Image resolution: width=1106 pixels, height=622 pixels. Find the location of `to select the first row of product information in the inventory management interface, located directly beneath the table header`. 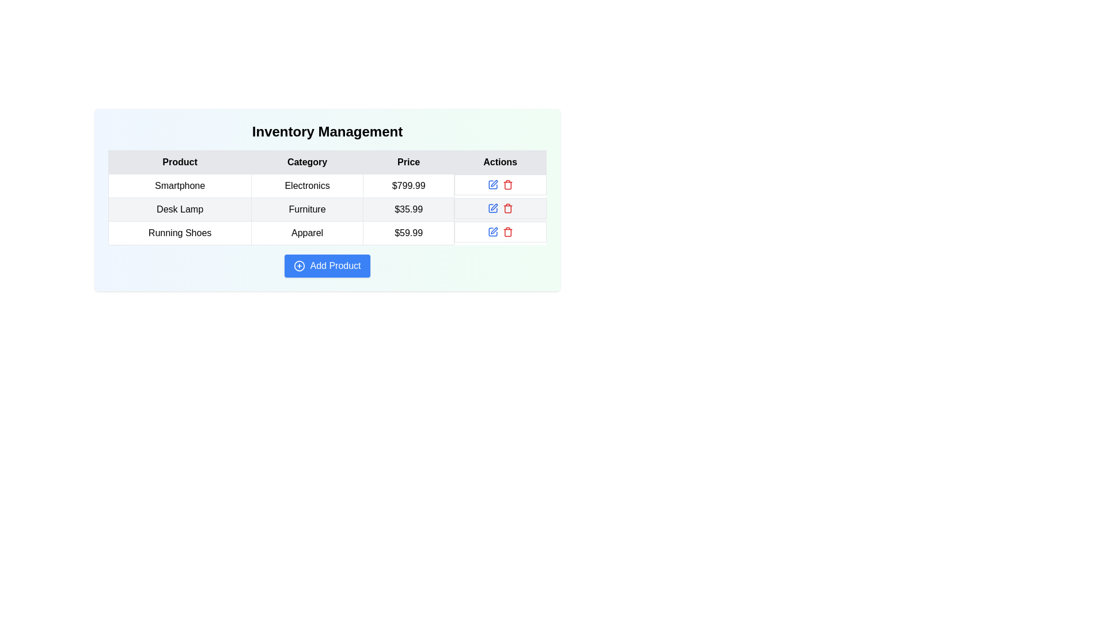

to select the first row of product information in the inventory management interface, located directly beneath the table header is located at coordinates (327, 185).